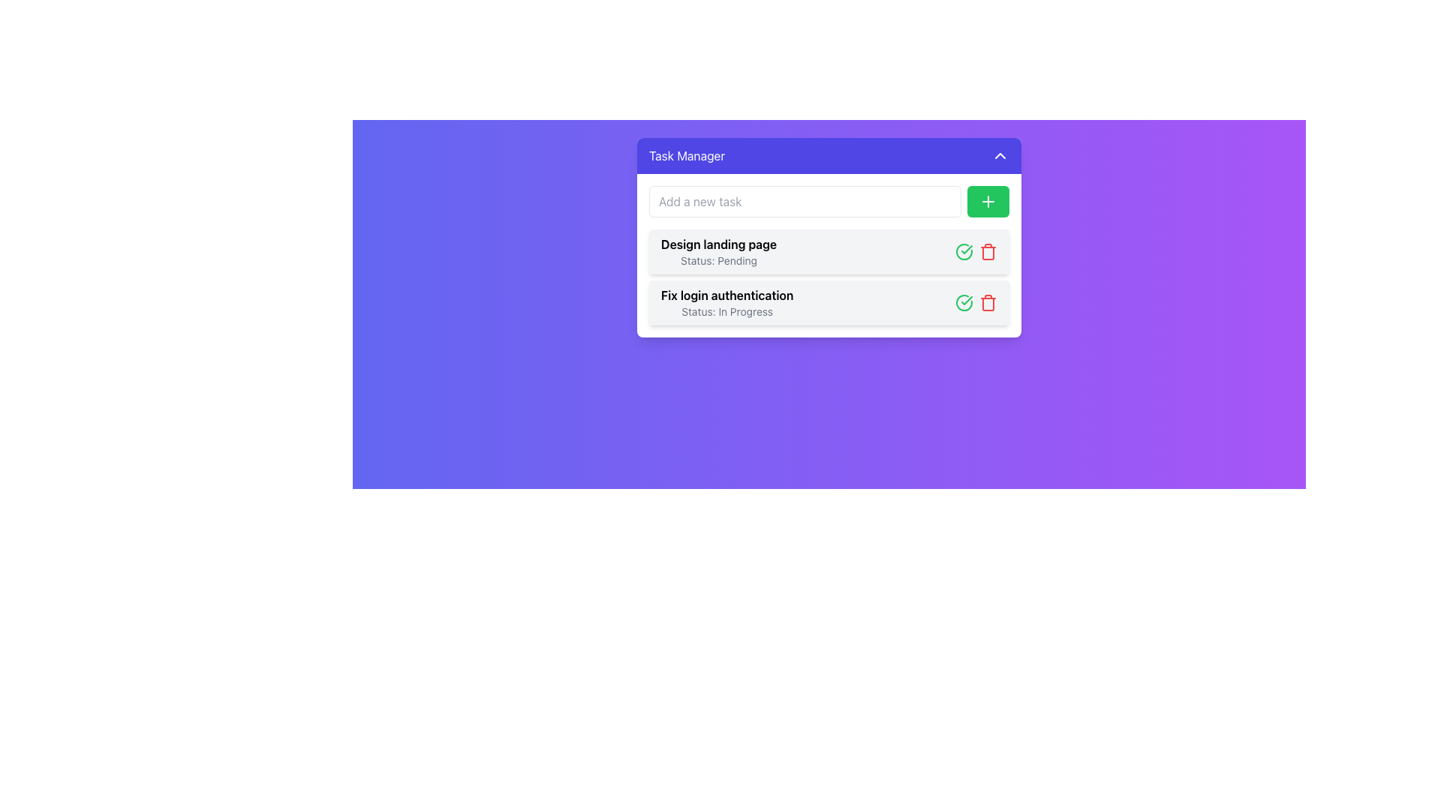  Describe the element at coordinates (718, 250) in the screenshot. I see `the Text Label that serves as a descriptive label for a task, providing the task title and its current status, located at the first position within the task list interface` at that location.